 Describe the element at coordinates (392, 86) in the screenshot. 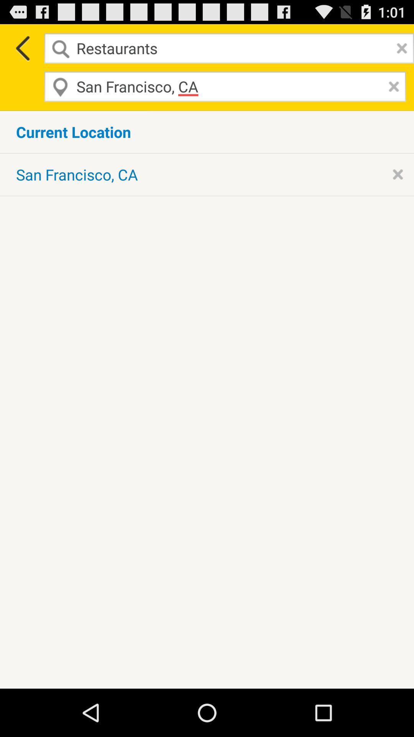

I see `clear field` at that location.